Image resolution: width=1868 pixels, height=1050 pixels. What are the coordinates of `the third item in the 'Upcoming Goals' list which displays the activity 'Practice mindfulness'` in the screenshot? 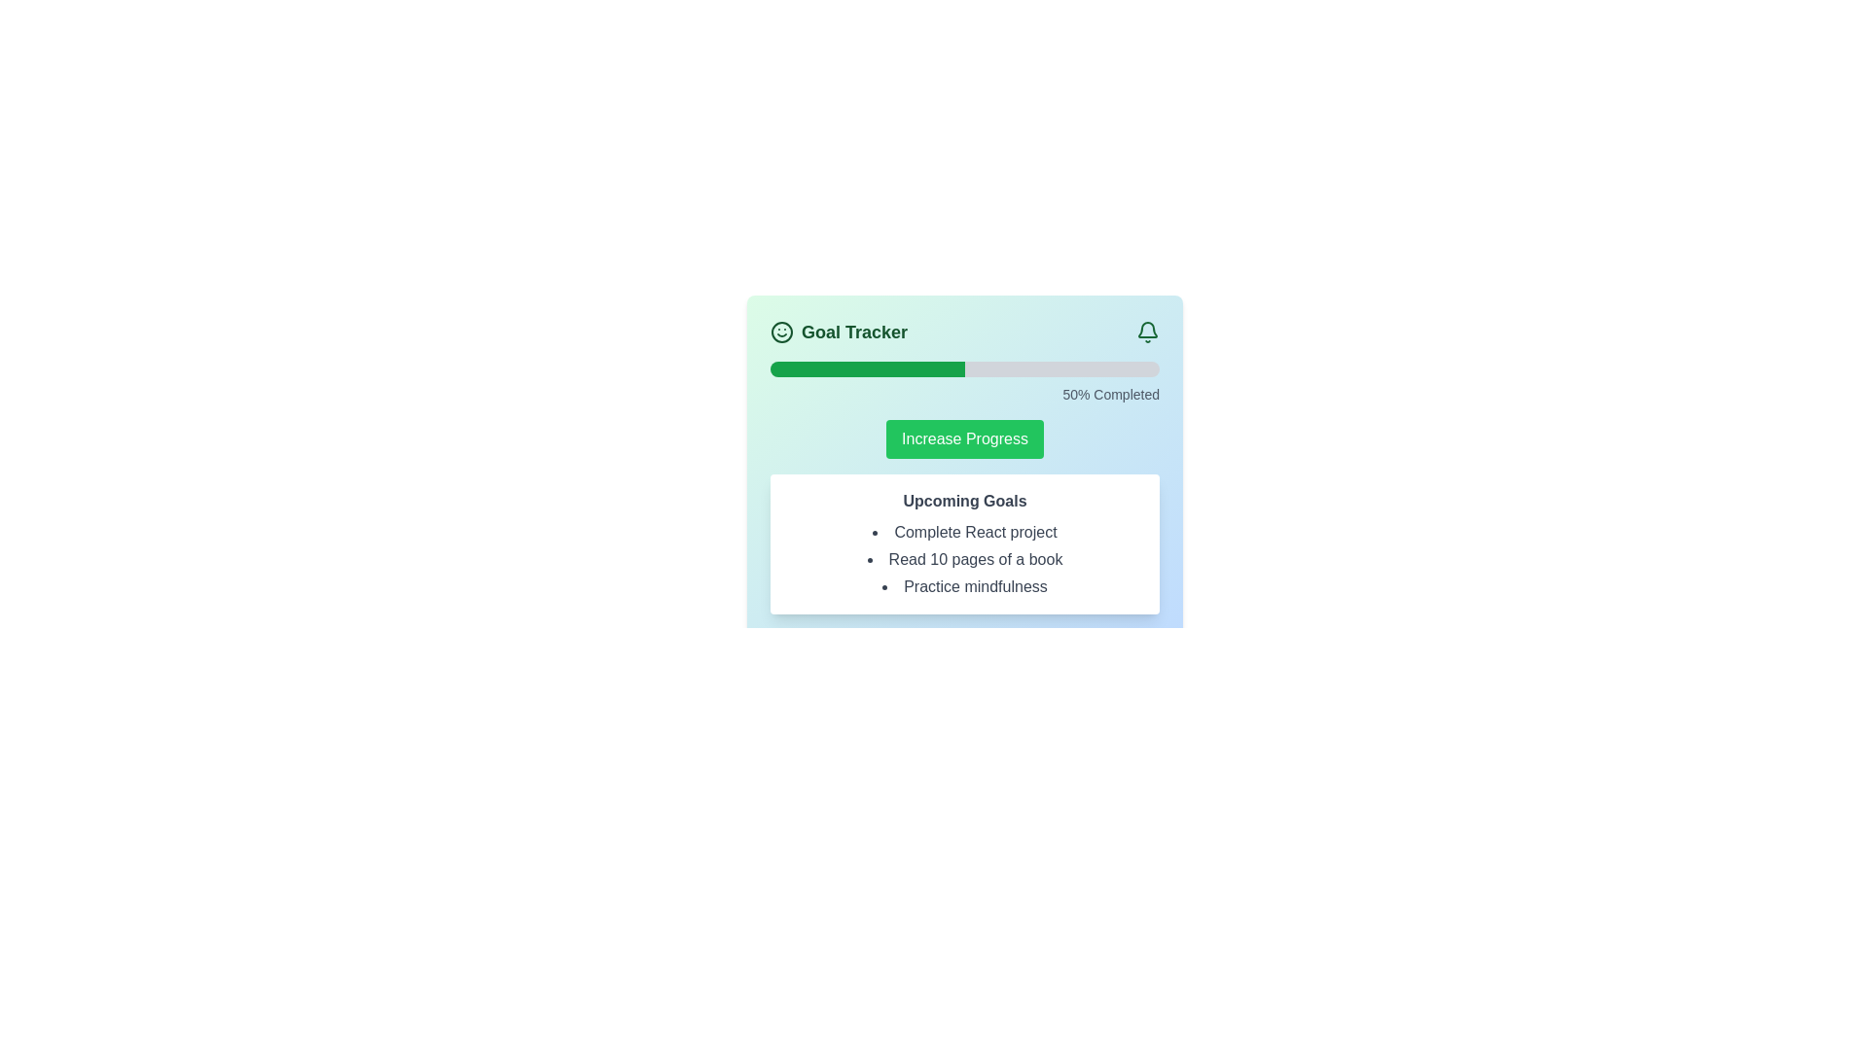 It's located at (965, 586).